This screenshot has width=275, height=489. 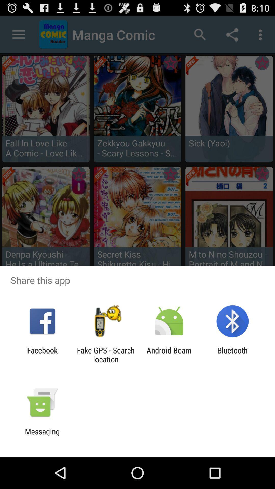 What do you see at coordinates (169, 355) in the screenshot?
I see `icon to the right of the fake gps search icon` at bounding box center [169, 355].